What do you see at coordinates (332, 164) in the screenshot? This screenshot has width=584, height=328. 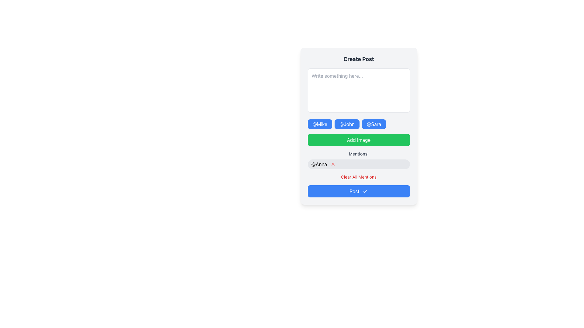 I see `the delete button located to the right of the '@Anna' mention in the 'Mentions' section` at bounding box center [332, 164].